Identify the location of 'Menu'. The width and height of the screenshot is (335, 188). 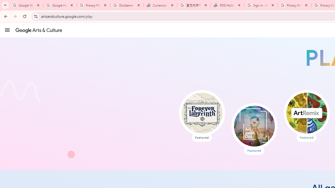
(7, 30).